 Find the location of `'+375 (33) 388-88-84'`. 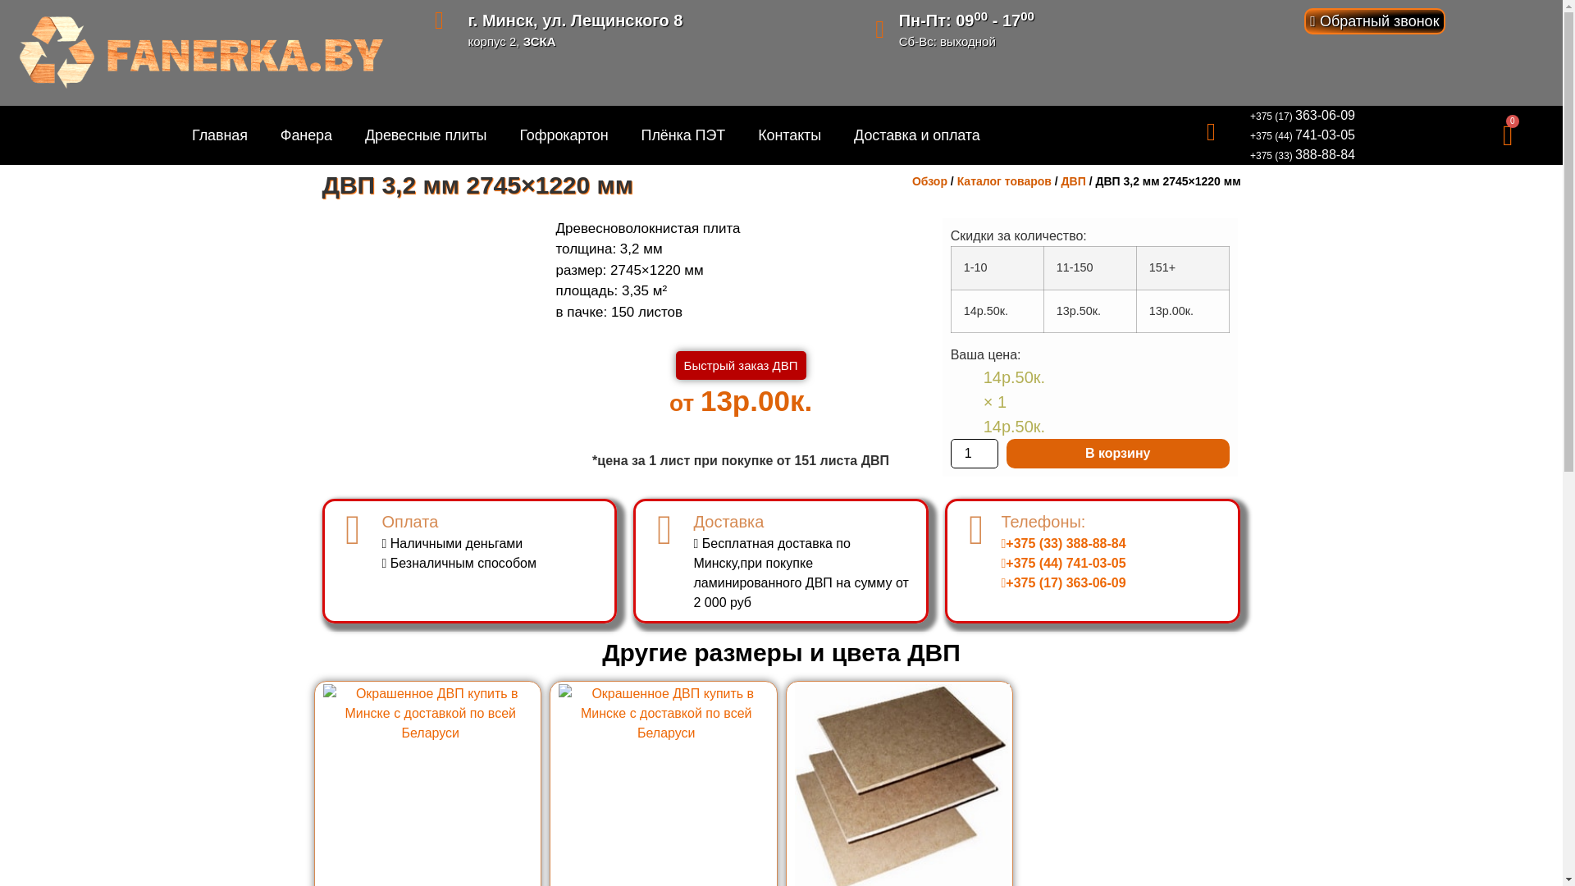

'+375 (33) 388-88-84' is located at coordinates (1302, 155).